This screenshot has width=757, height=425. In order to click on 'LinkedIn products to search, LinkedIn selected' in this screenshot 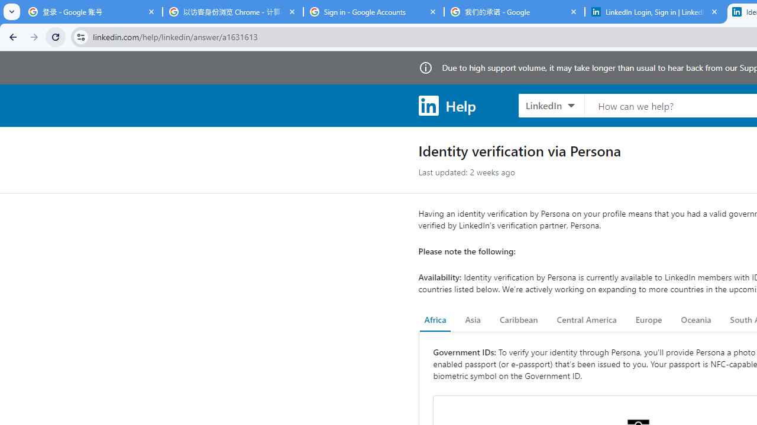, I will do `click(551, 104)`.